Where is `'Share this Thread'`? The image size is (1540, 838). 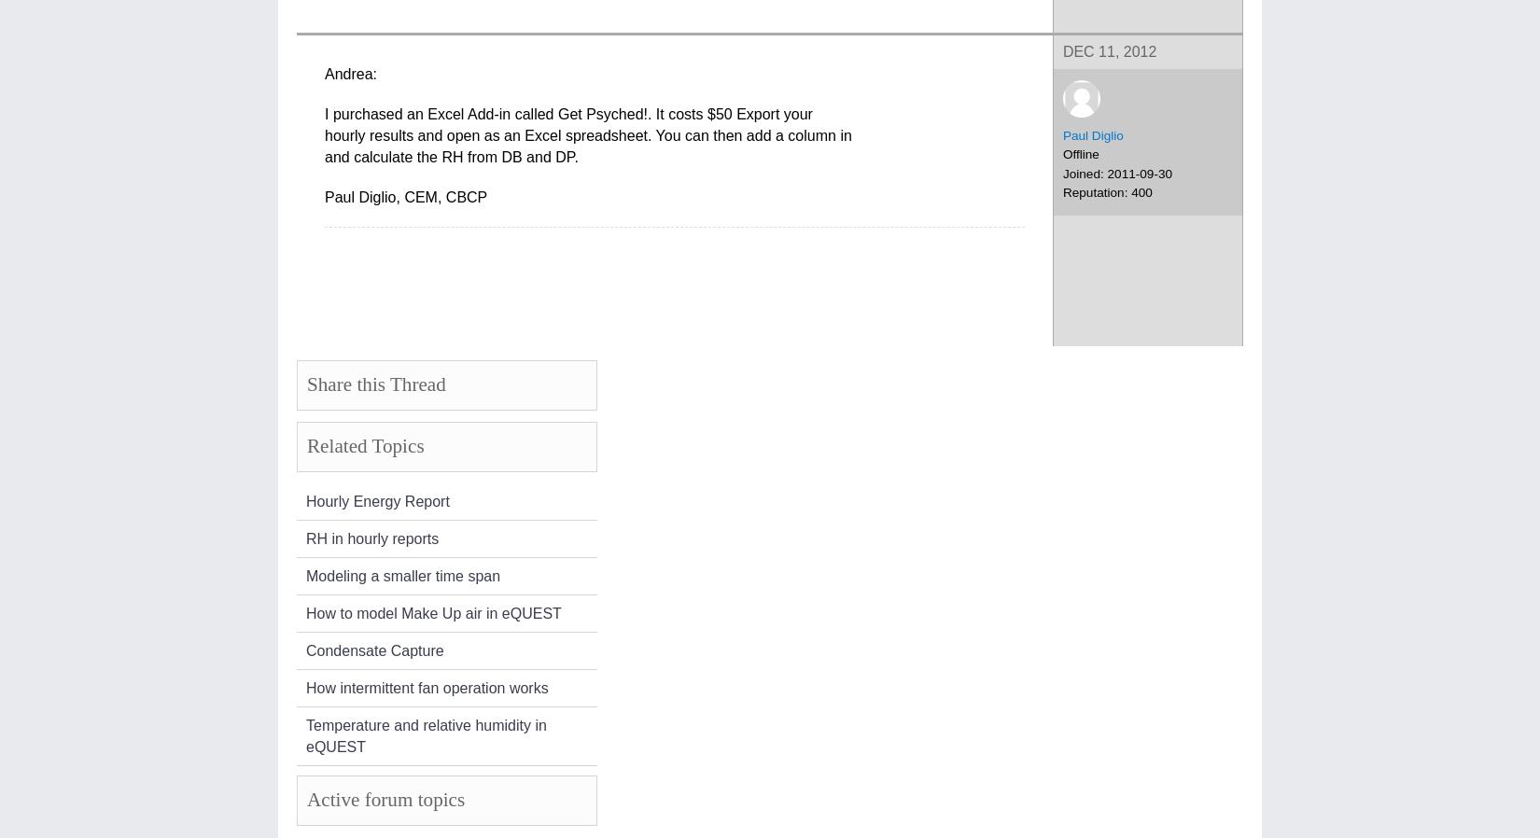 'Share this Thread' is located at coordinates (375, 384).